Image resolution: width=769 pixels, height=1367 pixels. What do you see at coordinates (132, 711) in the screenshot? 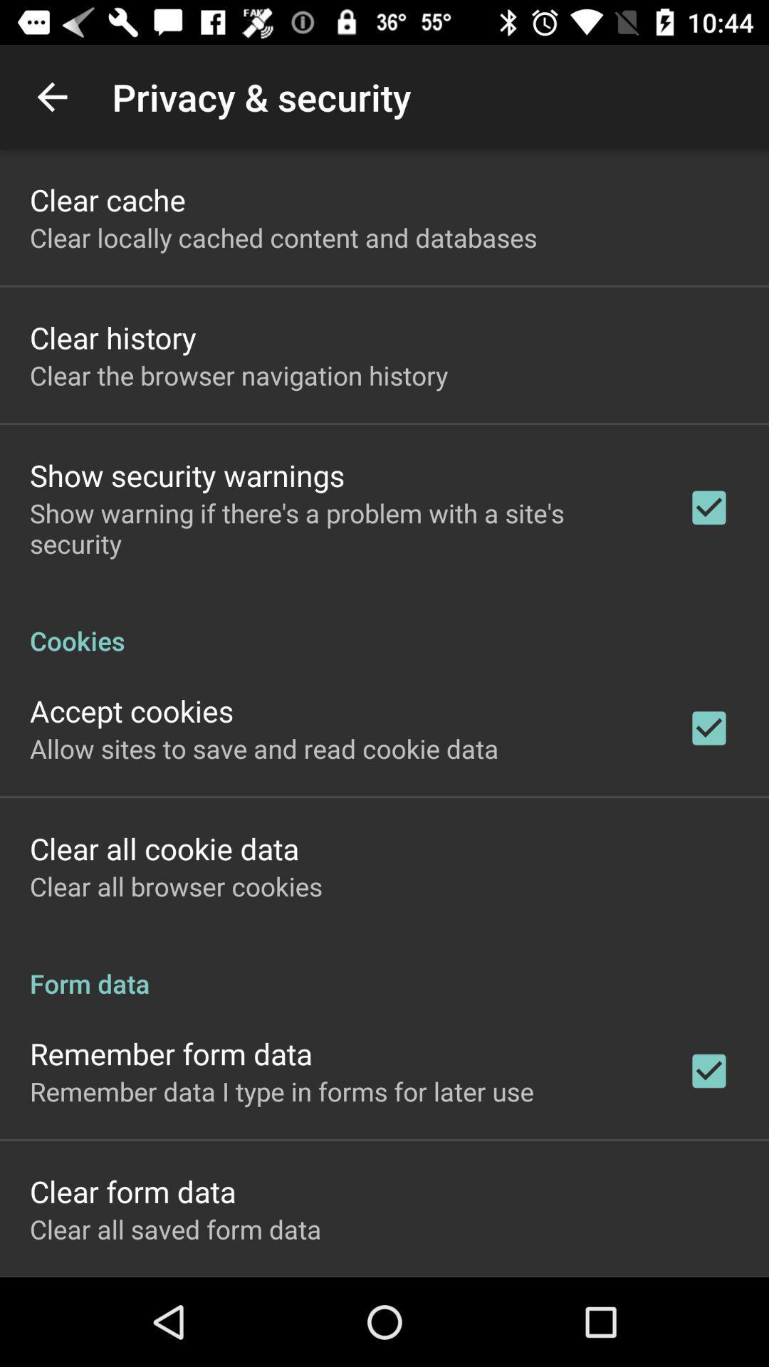
I see `the app below cookies` at bounding box center [132, 711].